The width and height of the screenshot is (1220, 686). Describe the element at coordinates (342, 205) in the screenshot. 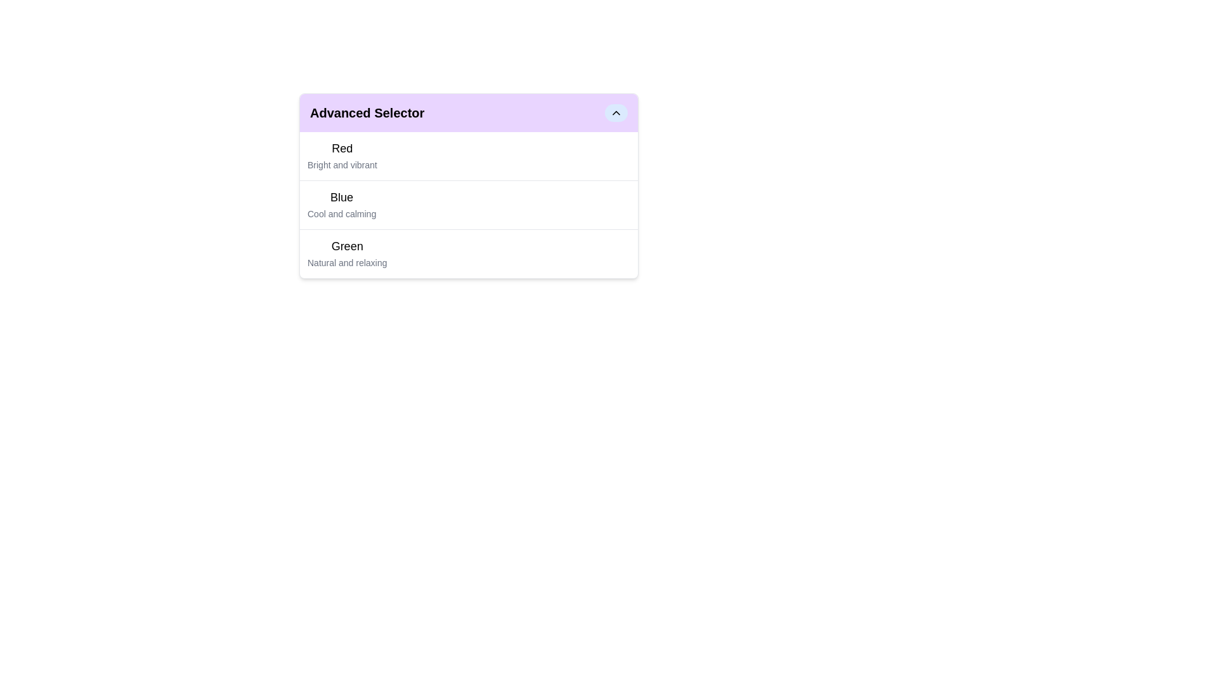

I see `the second selectable list item in the 'Advanced Selector' menu to trigger a visual change` at that location.